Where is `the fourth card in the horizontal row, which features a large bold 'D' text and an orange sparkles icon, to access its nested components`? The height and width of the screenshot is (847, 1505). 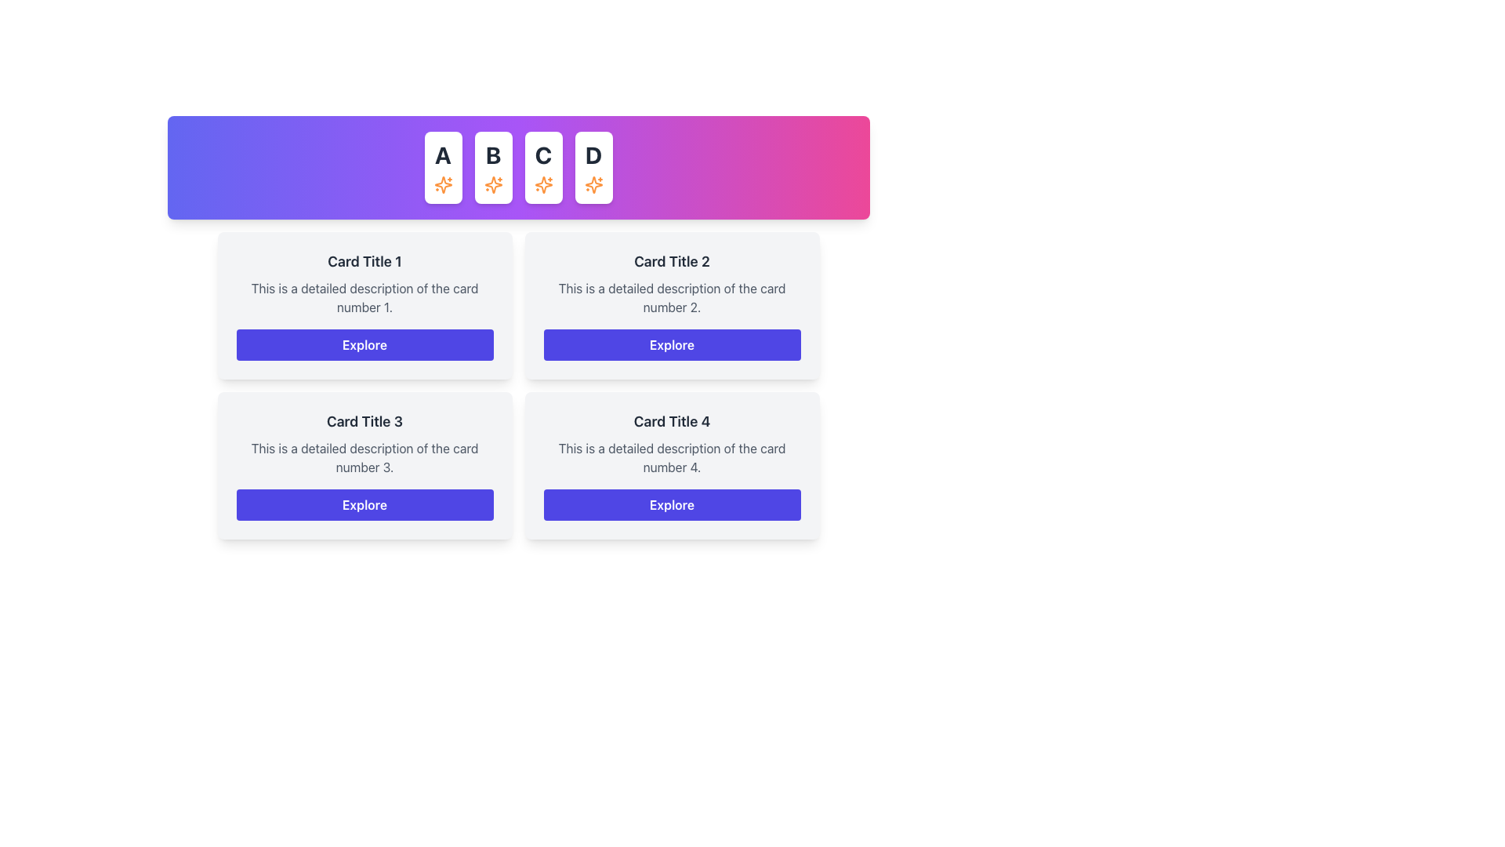 the fourth card in the horizontal row, which features a large bold 'D' text and an orange sparkles icon, to access its nested components is located at coordinates (593, 167).